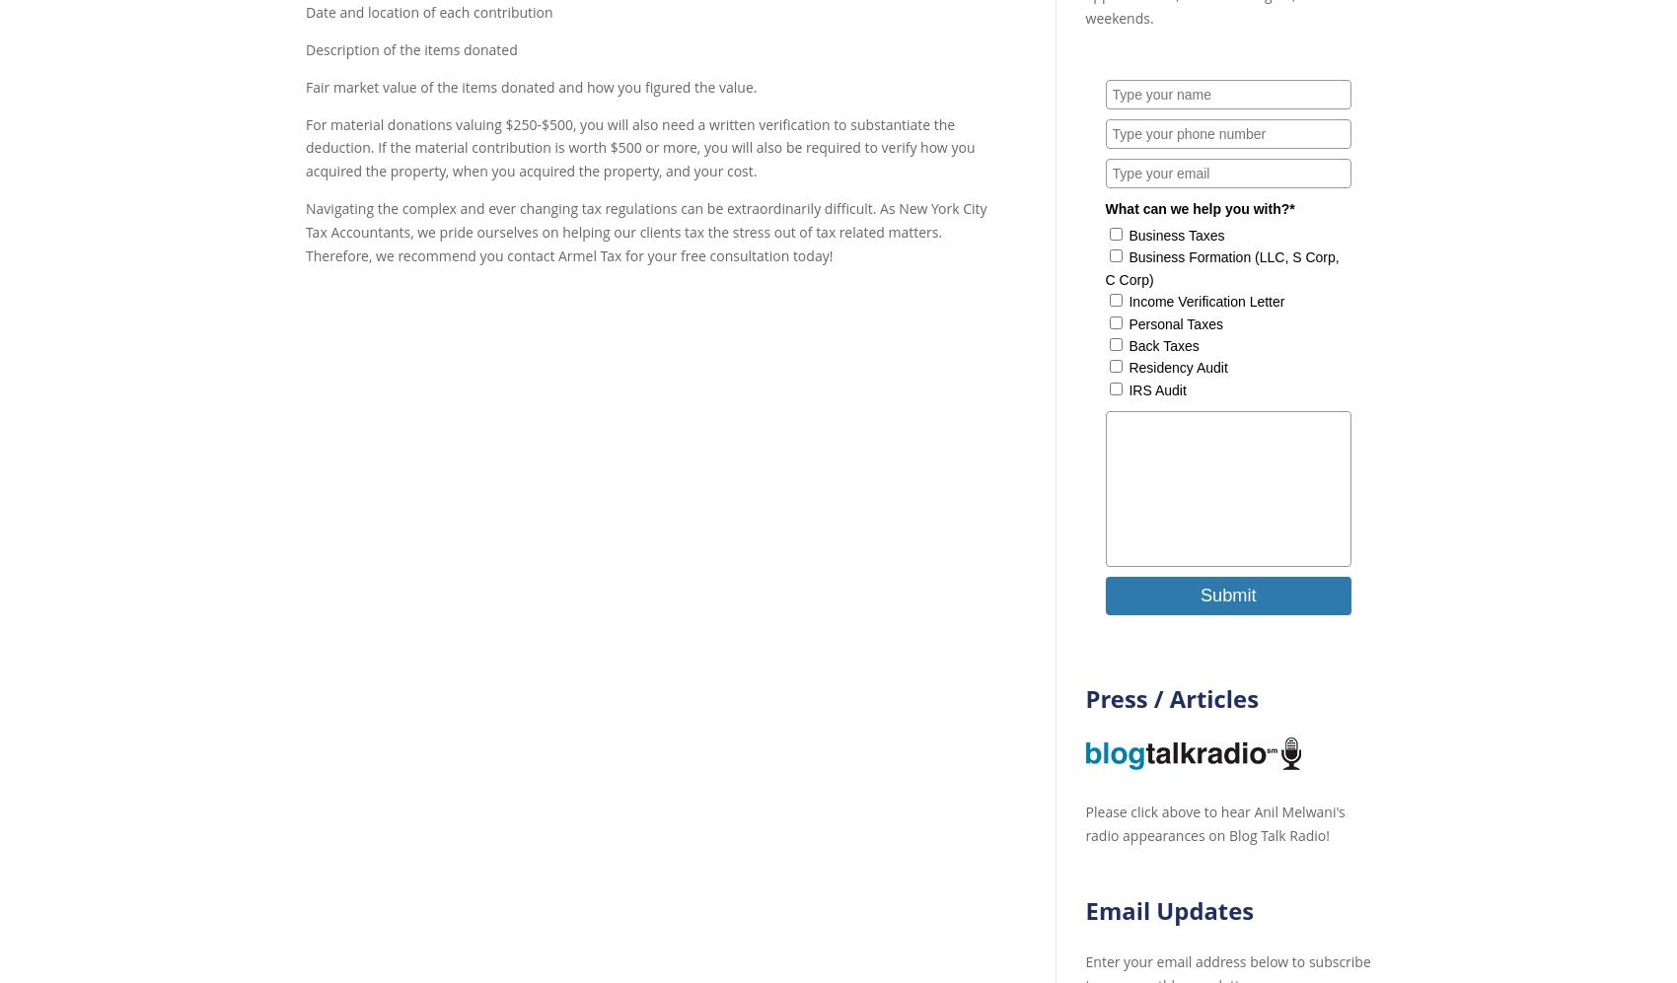 The width and height of the screenshot is (1677, 983). Describe the element at coordinates (1174, 322) in the screenshot. I see `'Personal Taxes'` at that location.